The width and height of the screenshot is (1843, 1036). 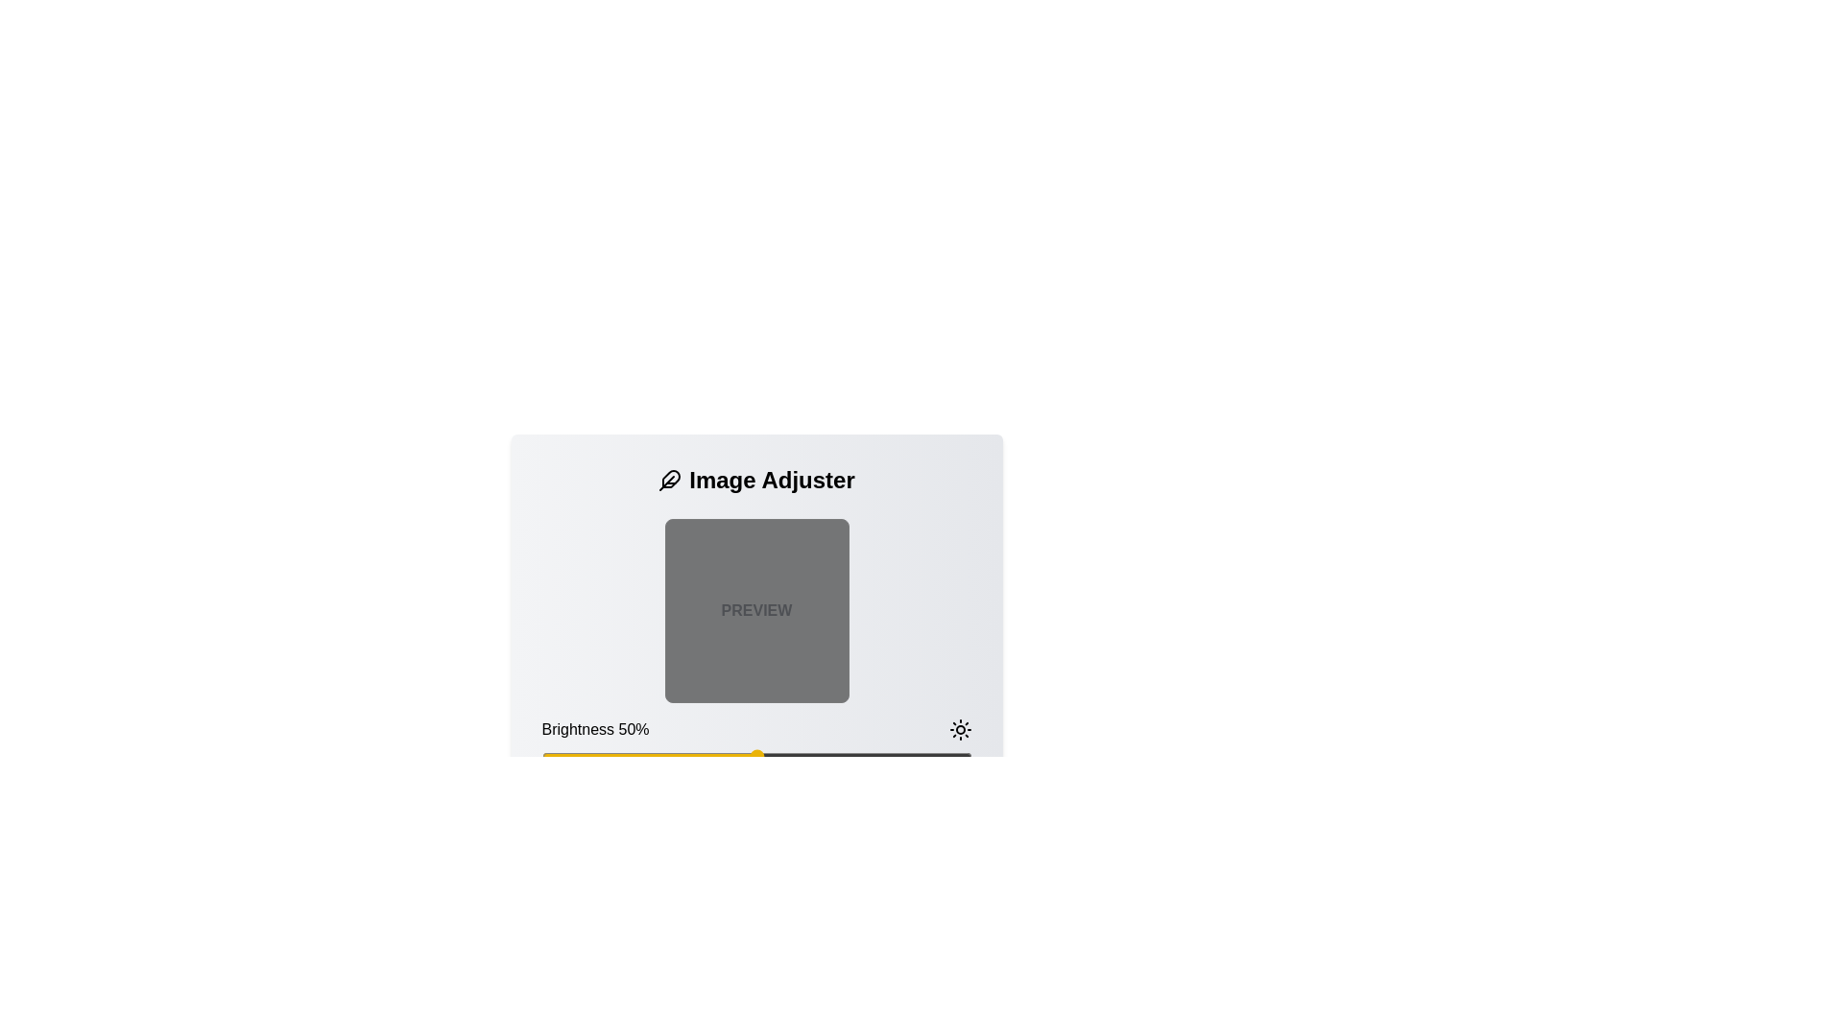 What do you see at coordinates (623, 756) in the screenshot?
I see `the slider` at bounding box center [623, 756].